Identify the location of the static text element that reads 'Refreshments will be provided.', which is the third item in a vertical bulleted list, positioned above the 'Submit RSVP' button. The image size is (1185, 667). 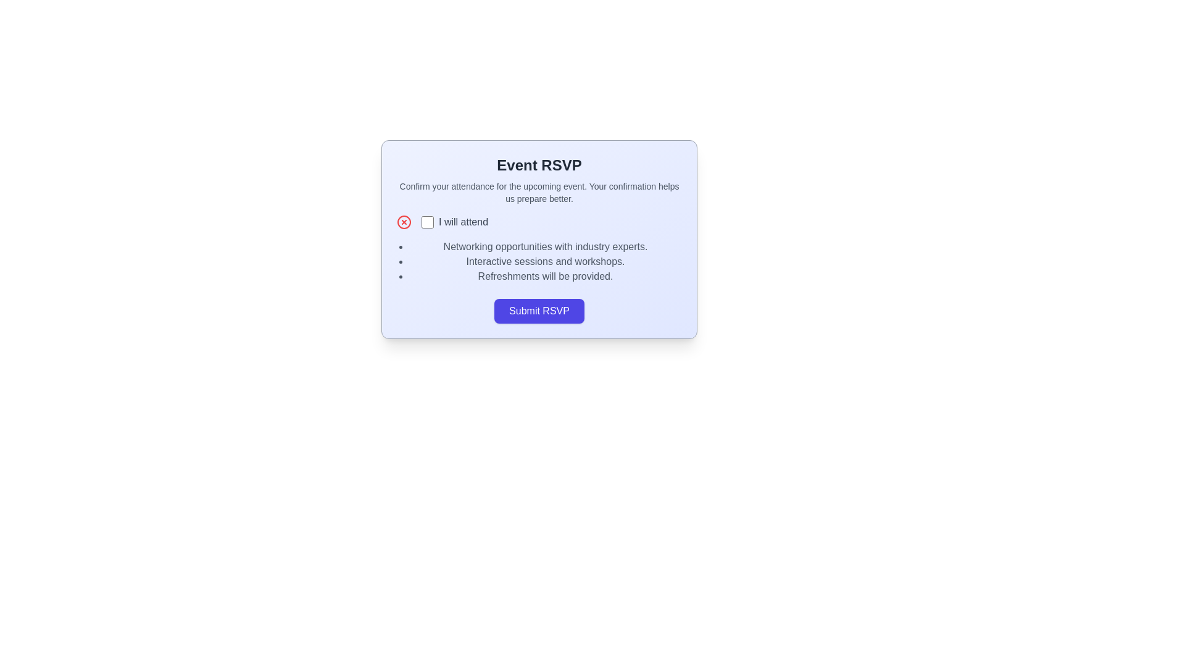
(544, 275).